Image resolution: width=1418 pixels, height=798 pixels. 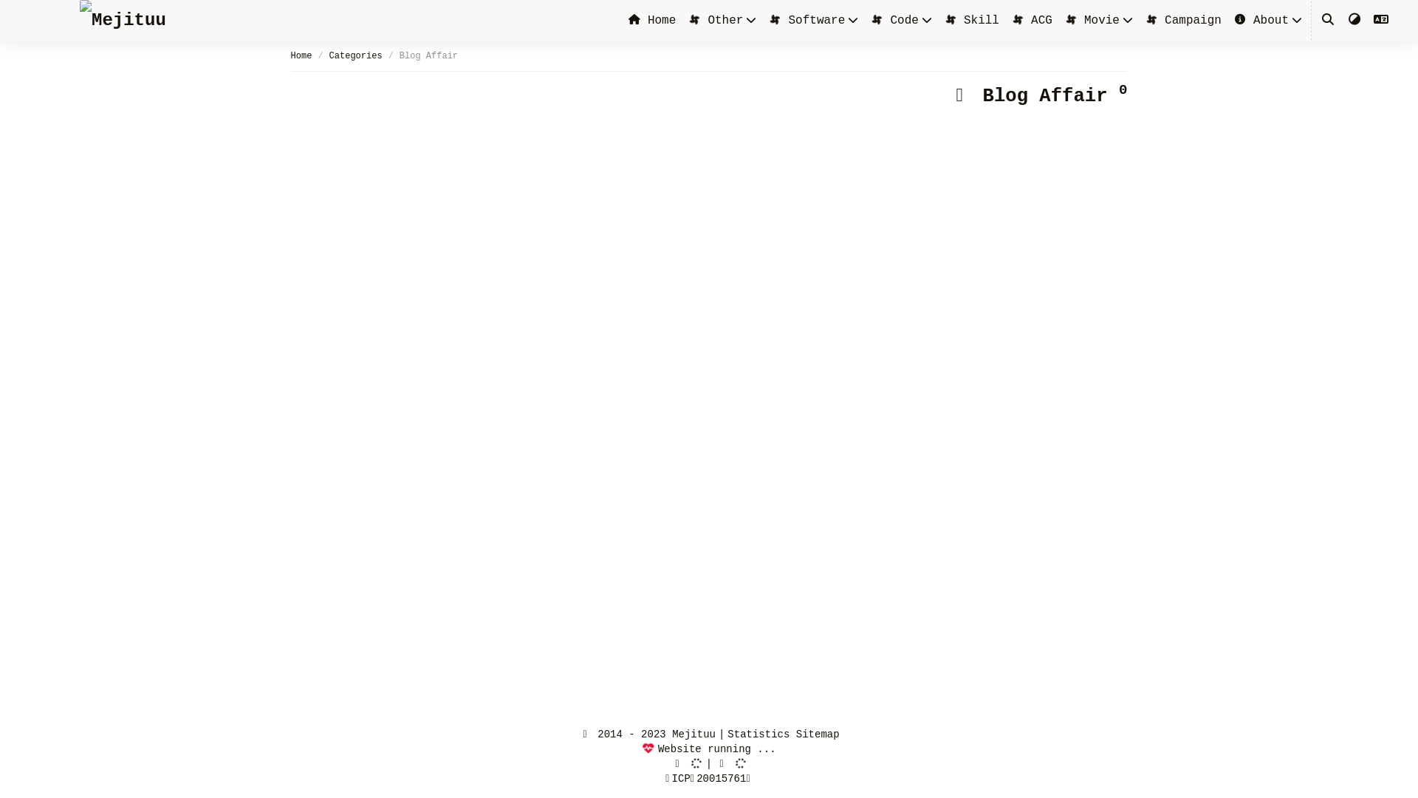 What do you see at coordinates (1030, 20) in the screenshot?
I see `'ACG'` at bounding box center [1030, 20].